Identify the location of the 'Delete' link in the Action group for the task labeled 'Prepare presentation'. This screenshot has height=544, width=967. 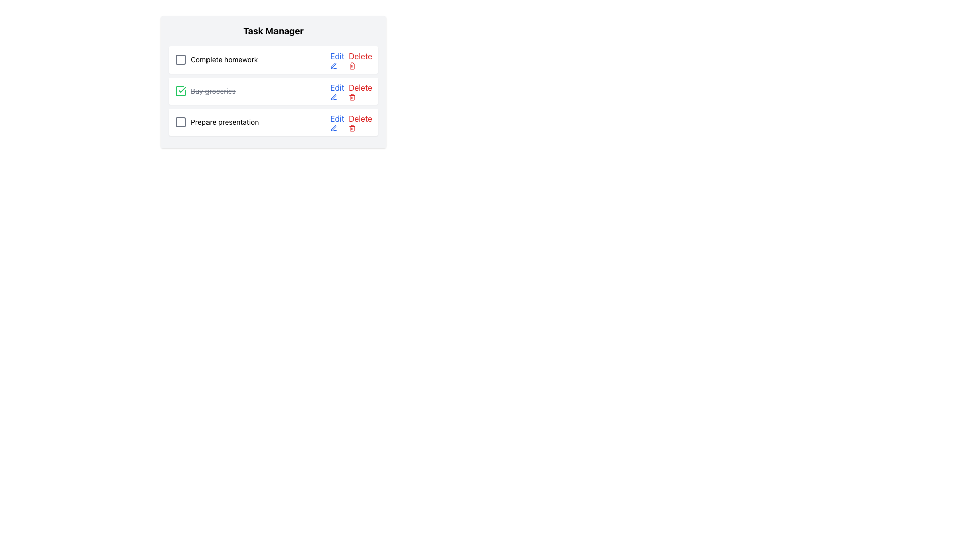
(351, 122).